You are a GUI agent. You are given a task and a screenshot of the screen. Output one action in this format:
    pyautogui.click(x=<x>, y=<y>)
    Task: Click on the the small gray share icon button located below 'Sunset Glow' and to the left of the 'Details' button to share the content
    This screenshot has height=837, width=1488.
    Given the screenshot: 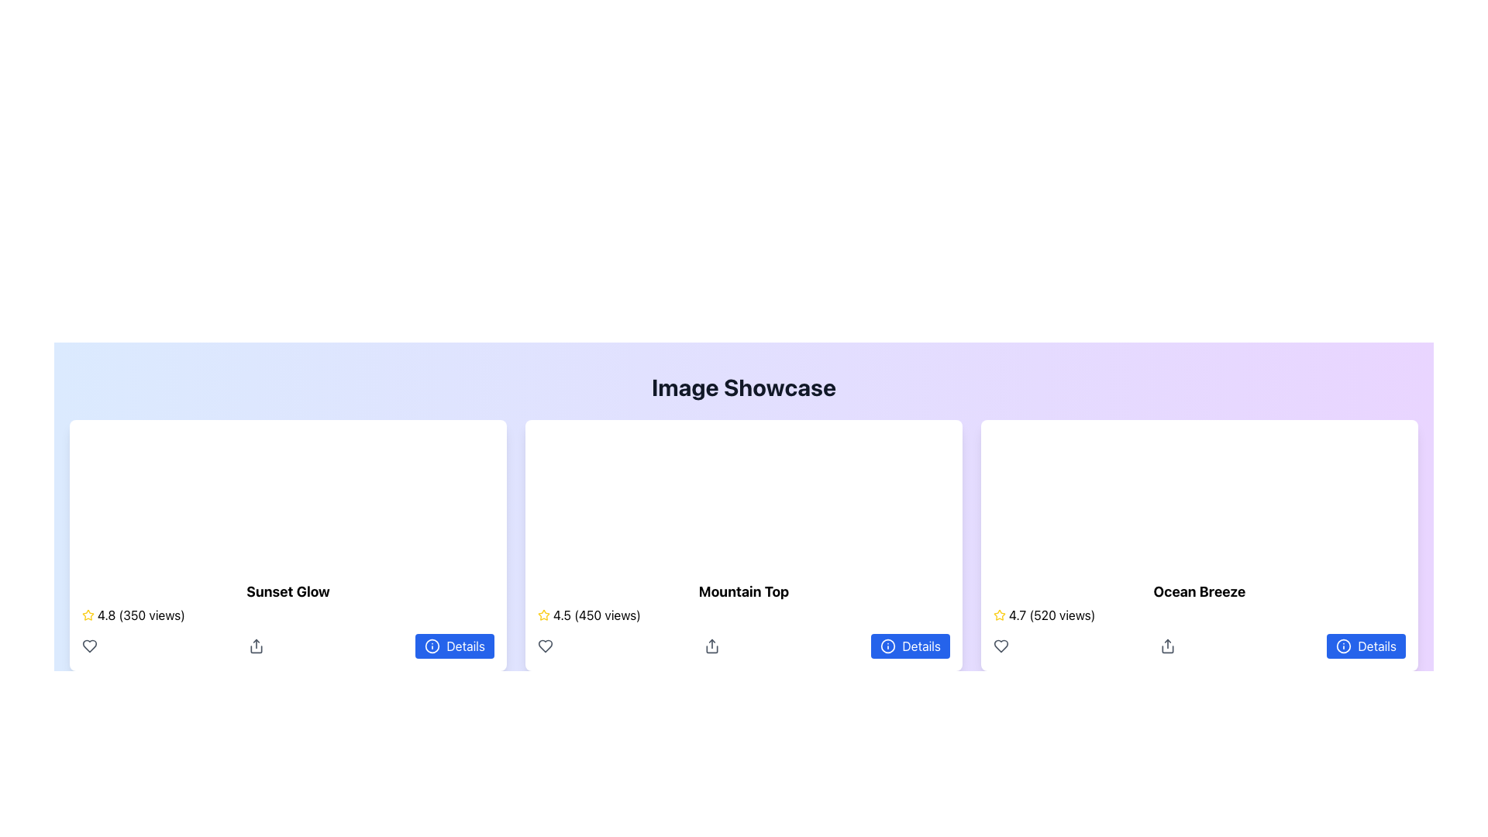 What is the action you would take?
    pyautogui.click(x=257, y=646)
    